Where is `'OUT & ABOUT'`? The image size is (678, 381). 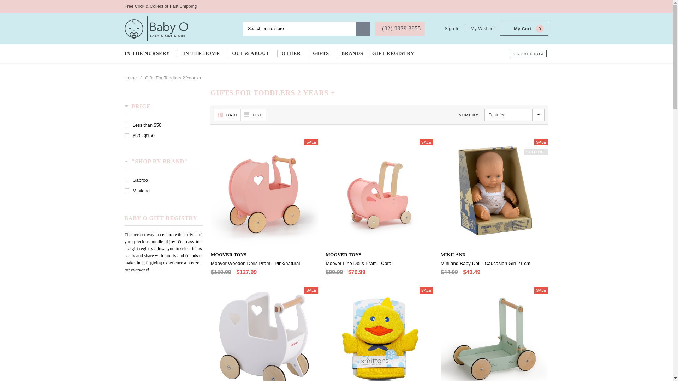
'OUT & ABOUT' is located at coordinates (252, 53).